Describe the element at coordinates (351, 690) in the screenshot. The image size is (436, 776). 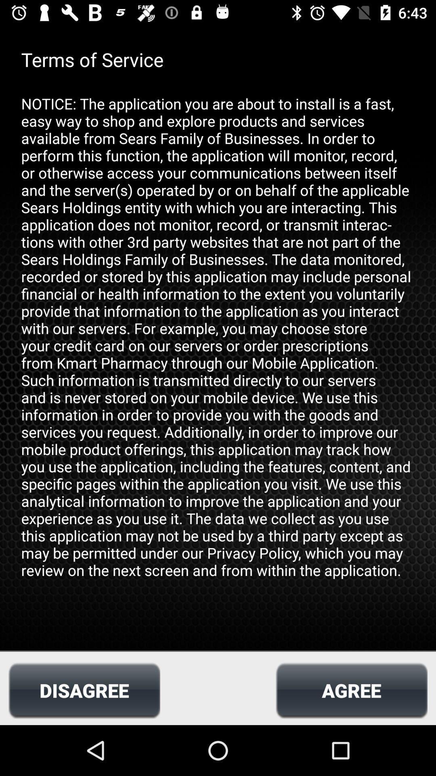
I see `agree` at that location.